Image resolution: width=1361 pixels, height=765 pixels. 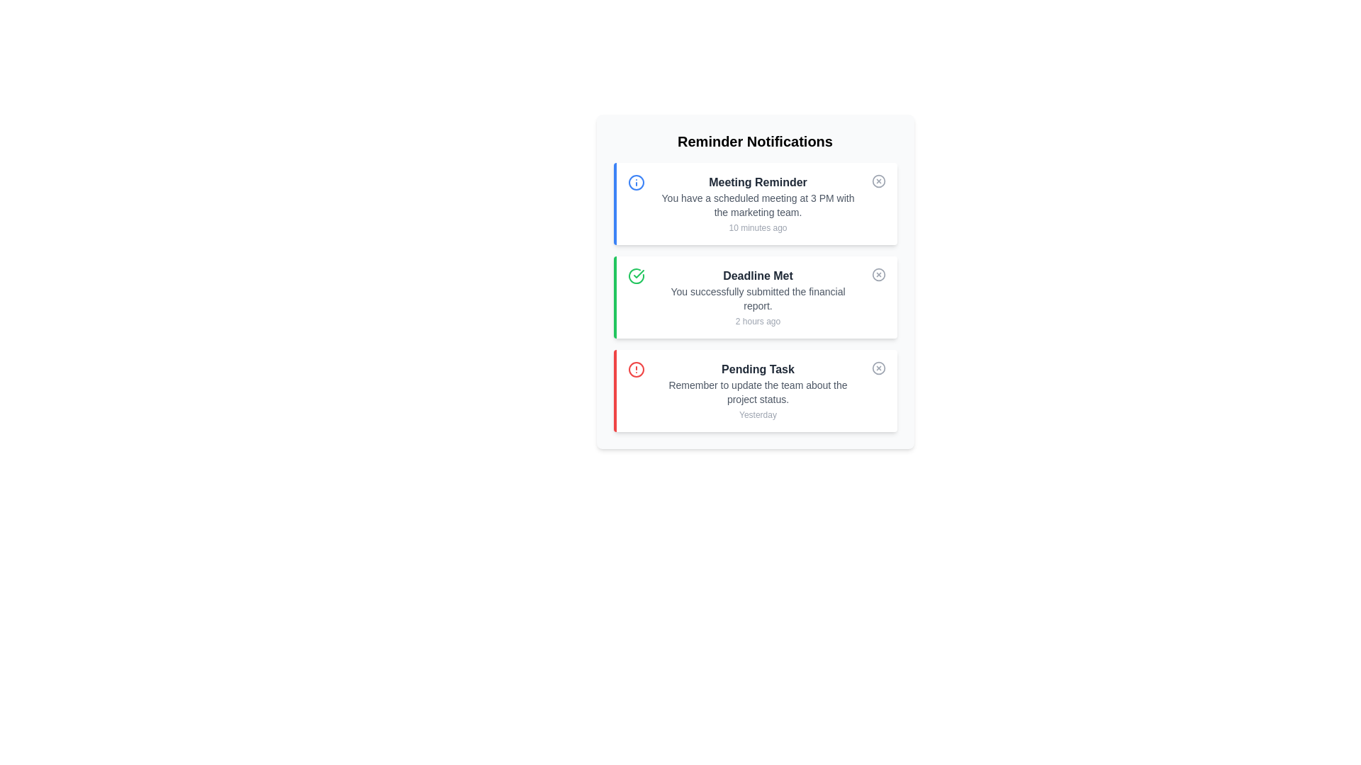 I want to click on the informational icon, which is a circular icon with an 'i' in the center, styled with a blue outline and a white background, located within the 'Meeting Reminder' notification card, so click(x=635, y=182).